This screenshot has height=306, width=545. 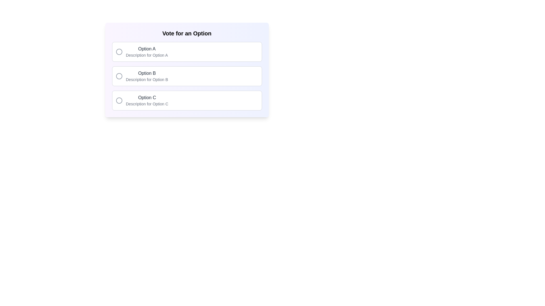 What do you see at coordinates (147, 55) in the screenshot?
I see `the text label displaying 'Description for Option A', which is positioned directly below 'Option A' in the 'Vote for an Option' section` at bounding box center [147, 55].